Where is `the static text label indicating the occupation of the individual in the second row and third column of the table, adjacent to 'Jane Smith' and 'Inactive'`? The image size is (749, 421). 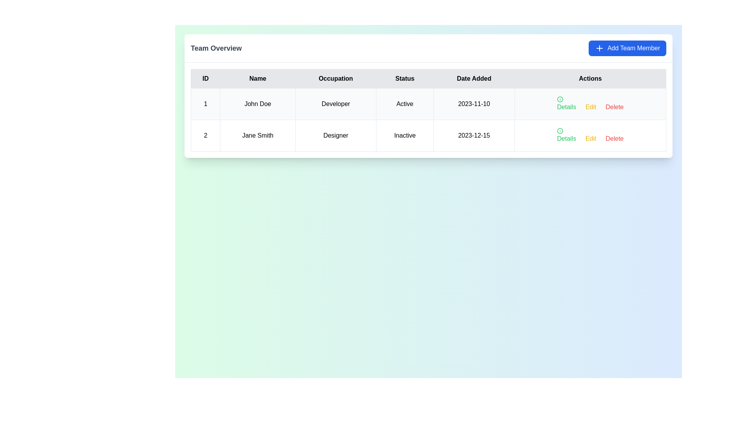 the static text label indicating the occupation of the individual in the second row and third column of the table, adjacent to 'Jane Smith' and 'Inactive' is located at coordinates (335, 135).